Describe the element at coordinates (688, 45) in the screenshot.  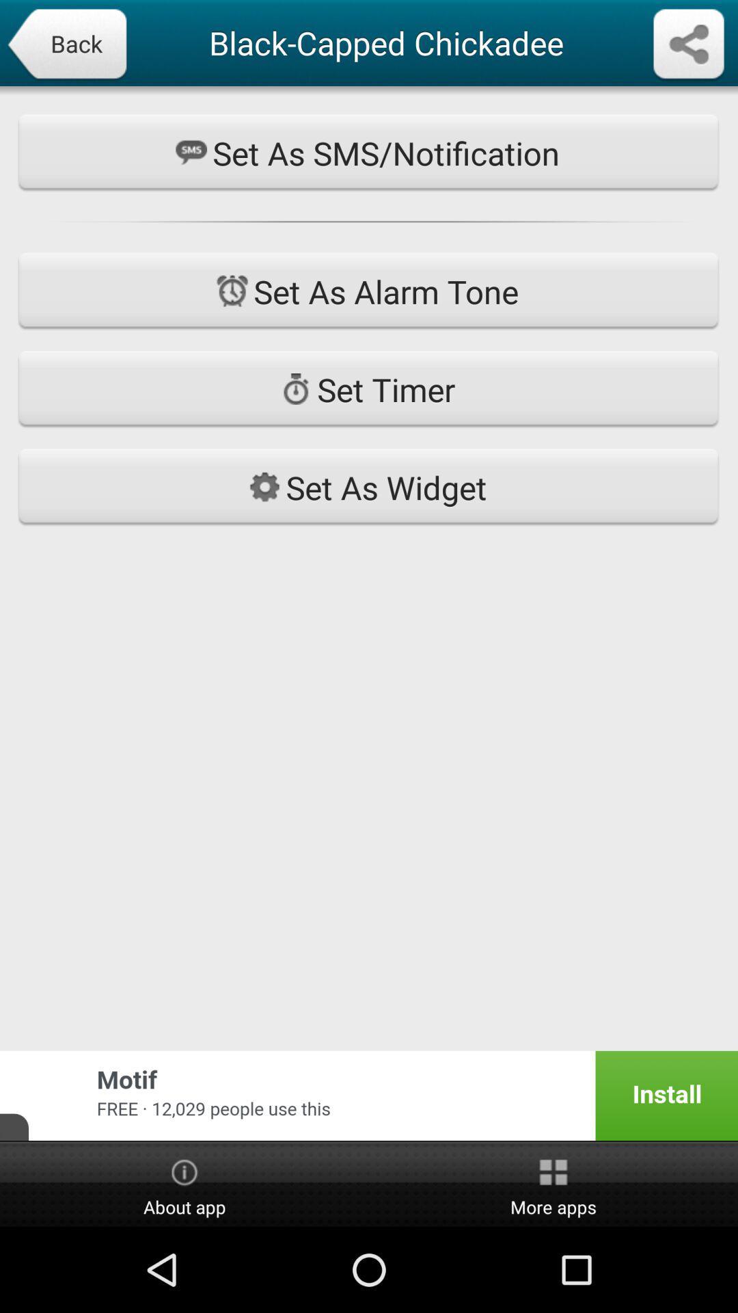
I see `the item next to black-capped chickadee` at that location.